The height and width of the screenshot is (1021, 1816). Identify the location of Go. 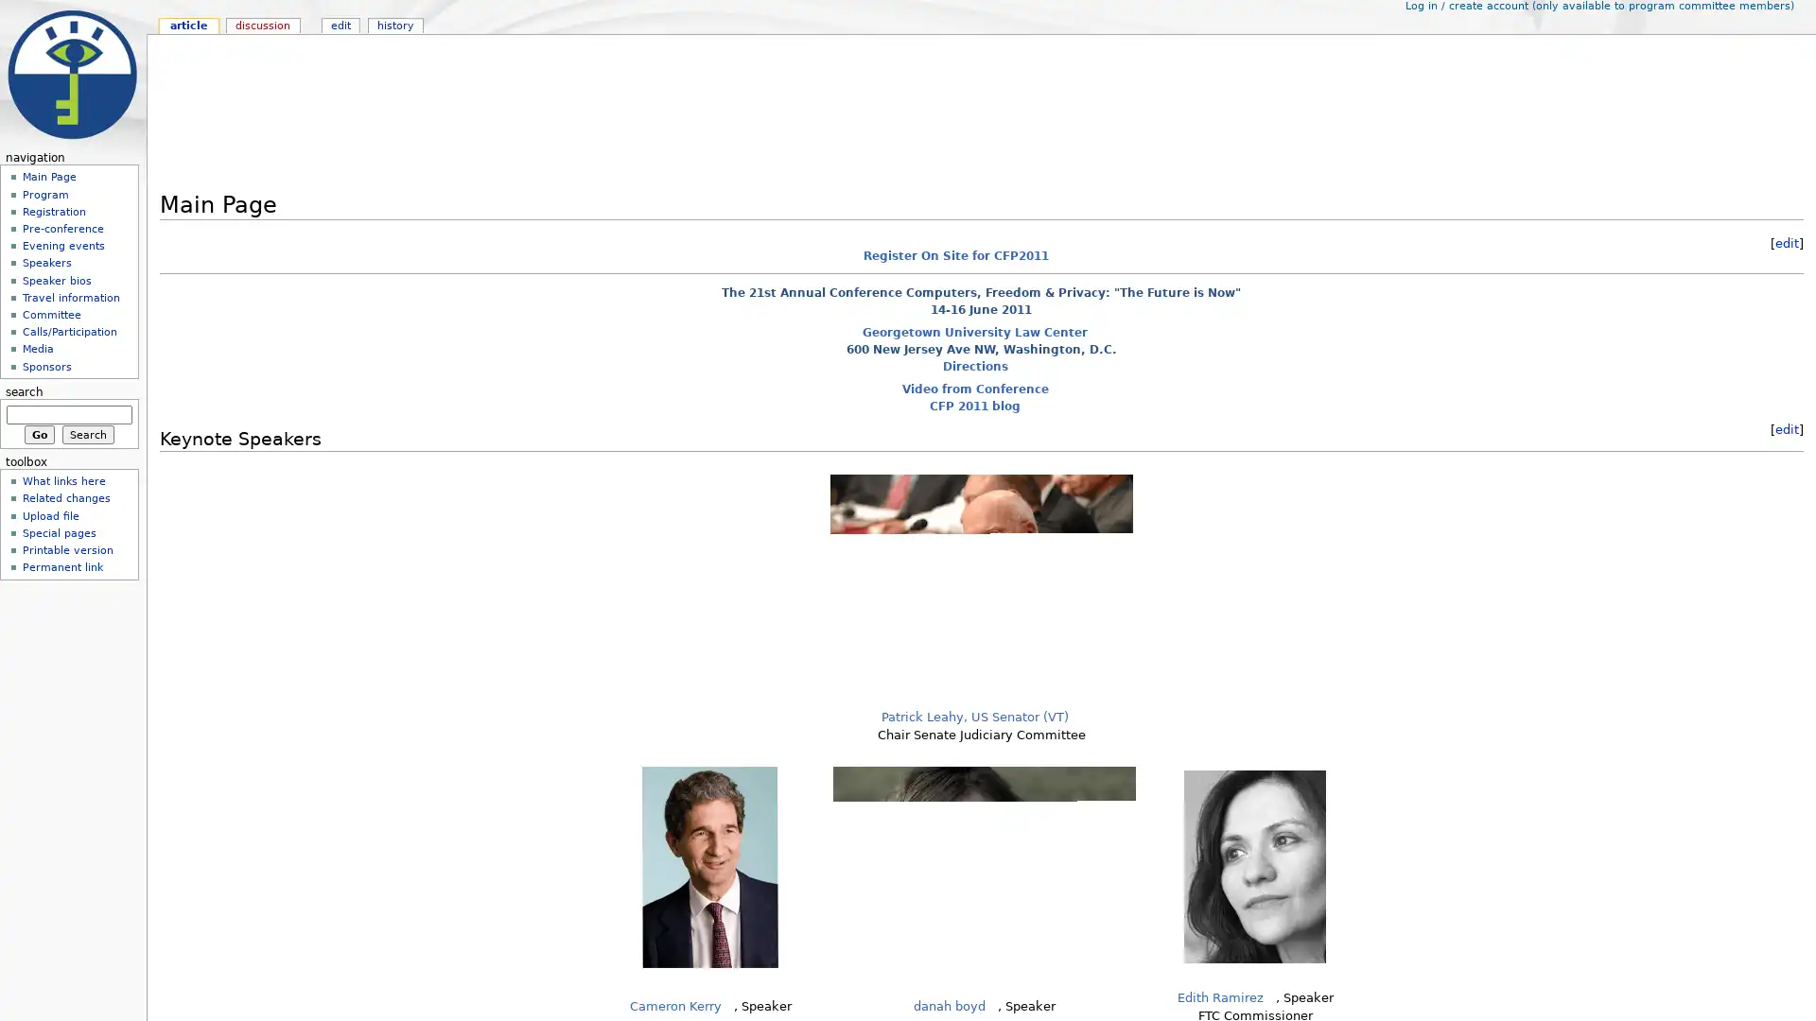
(39, 434).